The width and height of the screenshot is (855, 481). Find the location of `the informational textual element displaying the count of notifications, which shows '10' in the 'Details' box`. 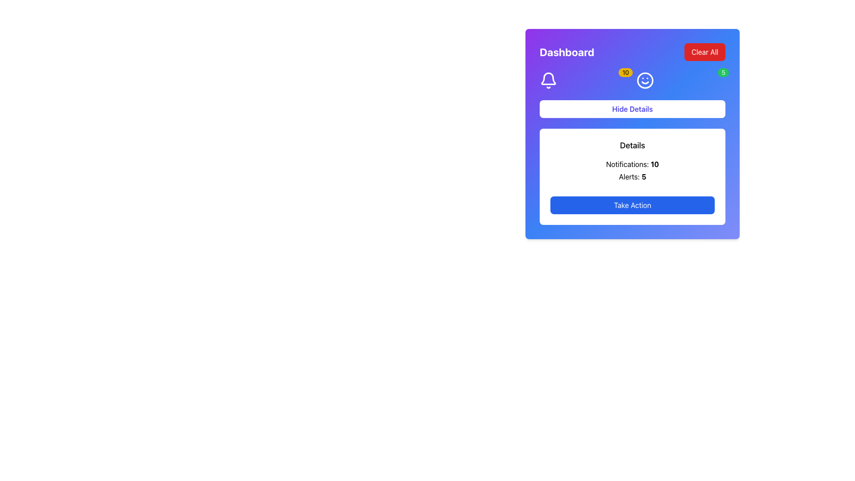

the informational textual element displaying the count of notifications, which shows '10' in the 'Details' box is located at coordinates (655, 164).